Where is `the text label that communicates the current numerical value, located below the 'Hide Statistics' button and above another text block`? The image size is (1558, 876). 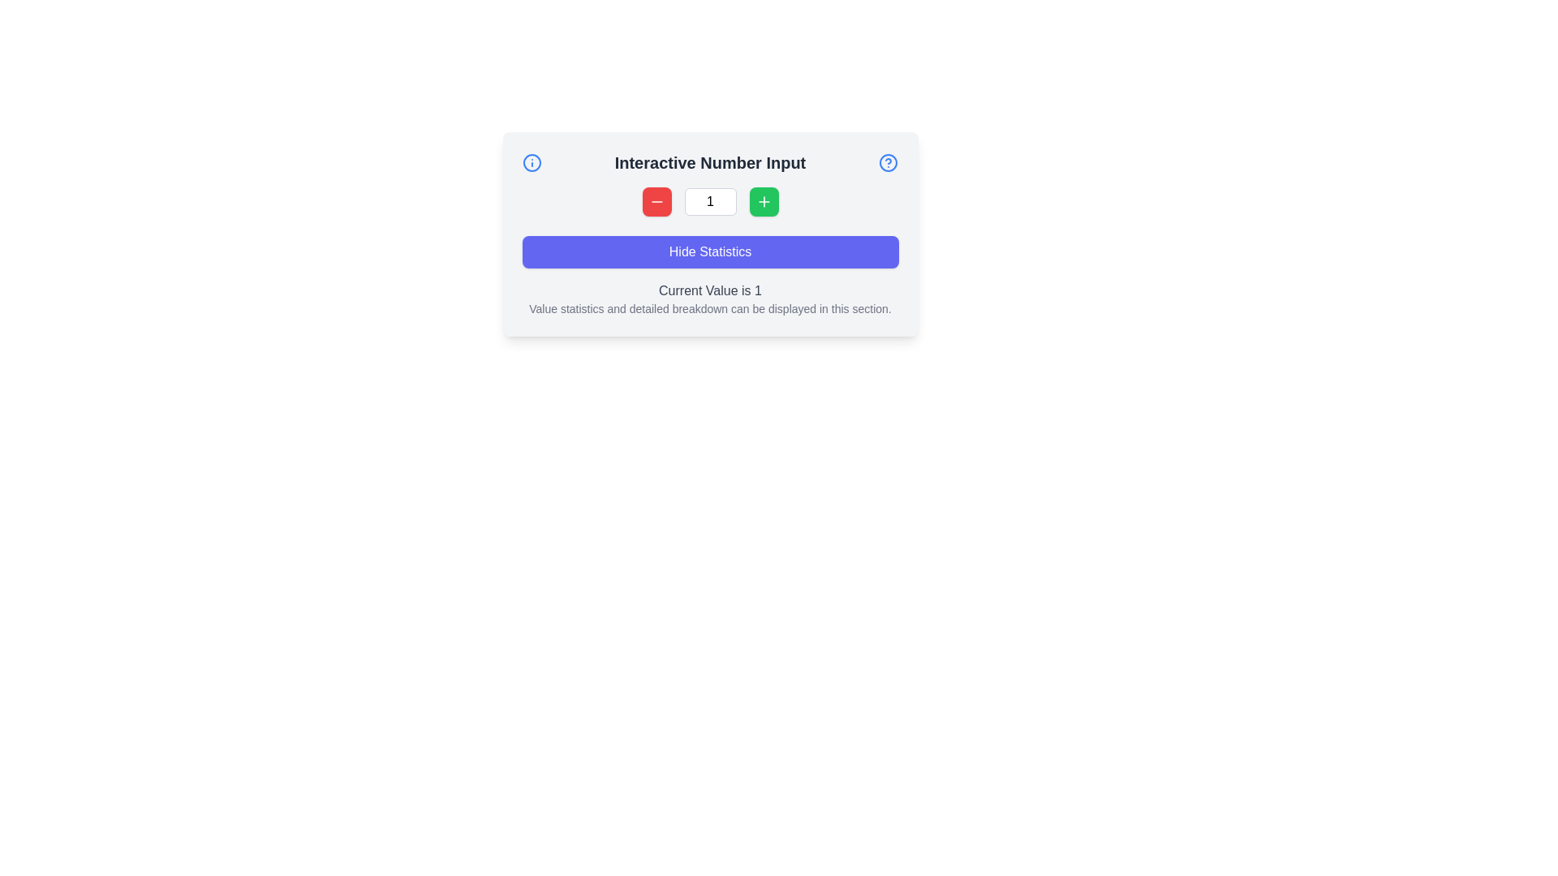 the text label that communicates the current numerical value, located below the 'Hide Statistics' button and above another text block is located at coordinates (710, 290).